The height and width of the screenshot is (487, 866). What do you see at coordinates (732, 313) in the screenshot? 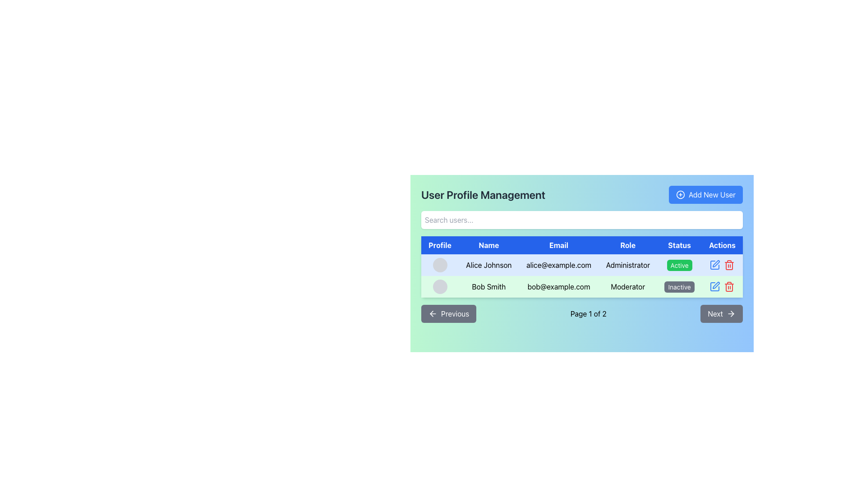
I see `the 'Next' button which includes the graphical arrowhead indicating forward action, located at the bottom-right corner of the interface` at bounding box center [732, 313].